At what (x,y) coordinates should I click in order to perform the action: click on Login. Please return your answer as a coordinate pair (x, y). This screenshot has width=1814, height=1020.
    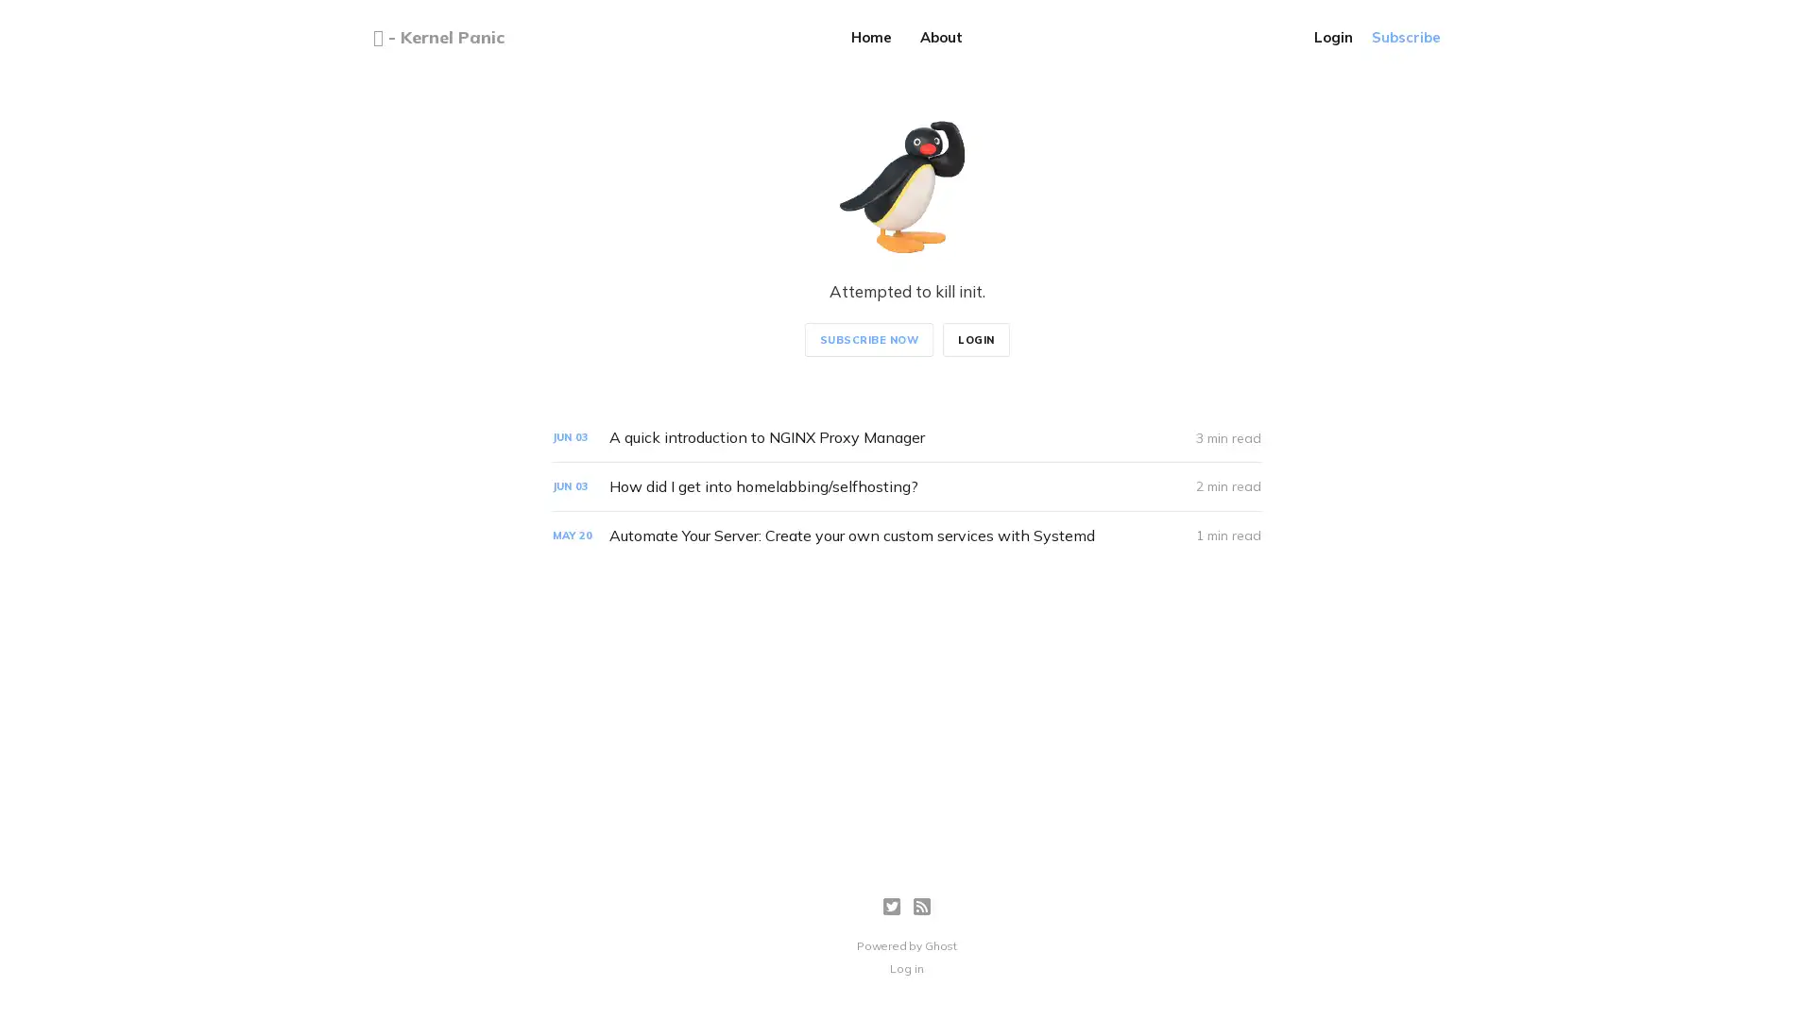
    Looking at the image, I should click on (1332, 37).